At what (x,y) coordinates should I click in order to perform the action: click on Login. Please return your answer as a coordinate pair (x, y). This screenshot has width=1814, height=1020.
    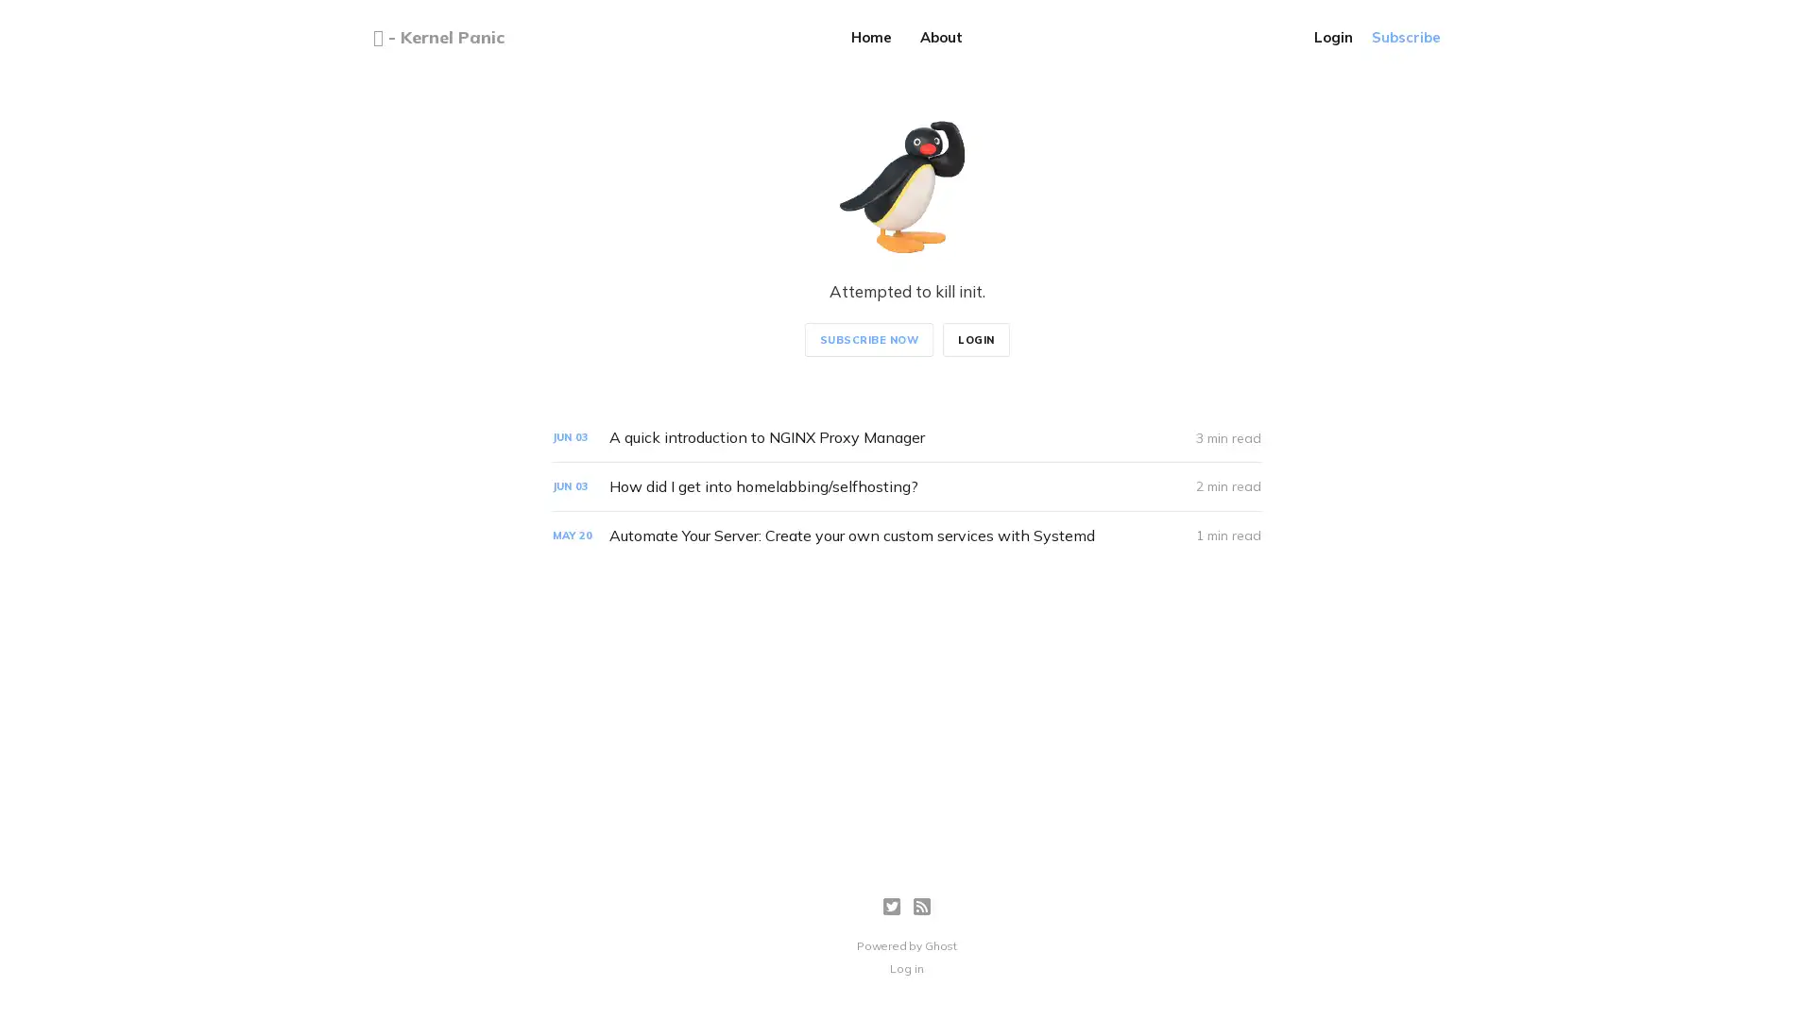
    Looking at the image, I should click on (1332, 37).